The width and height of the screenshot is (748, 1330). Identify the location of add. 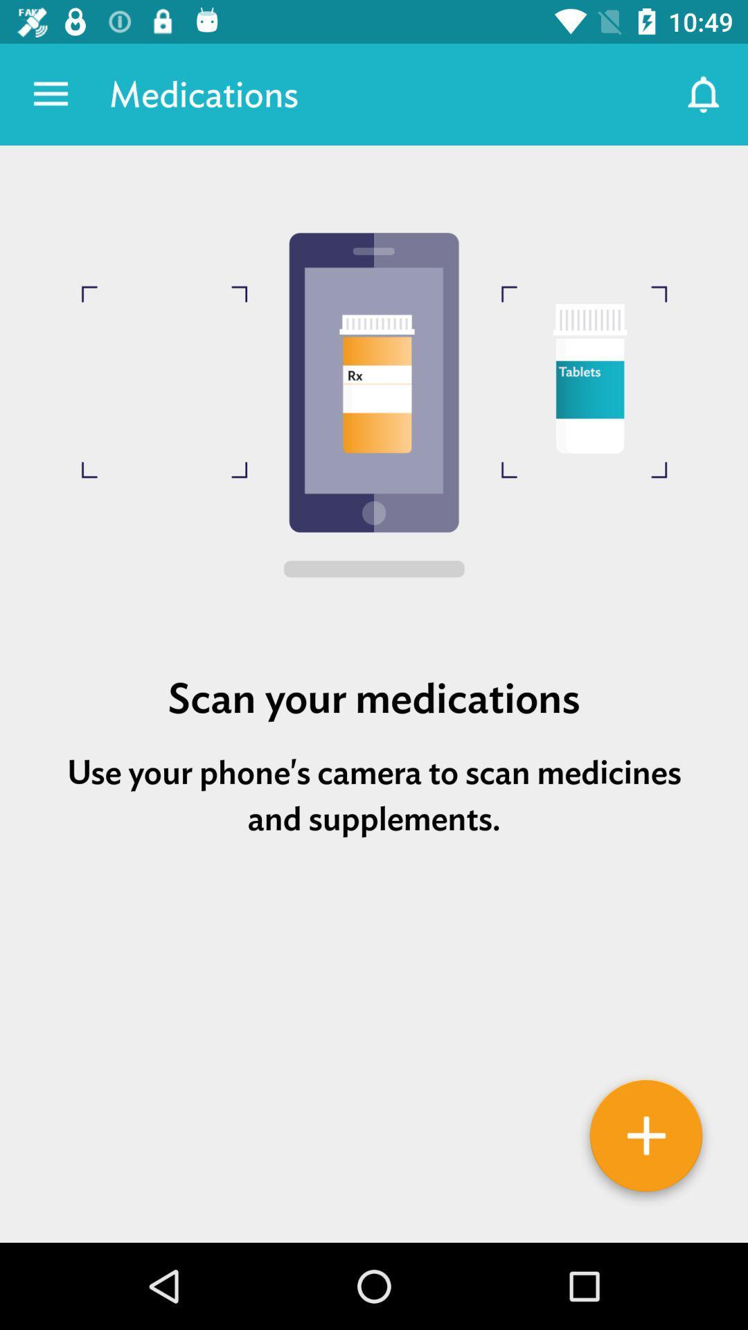
(646, 1140).